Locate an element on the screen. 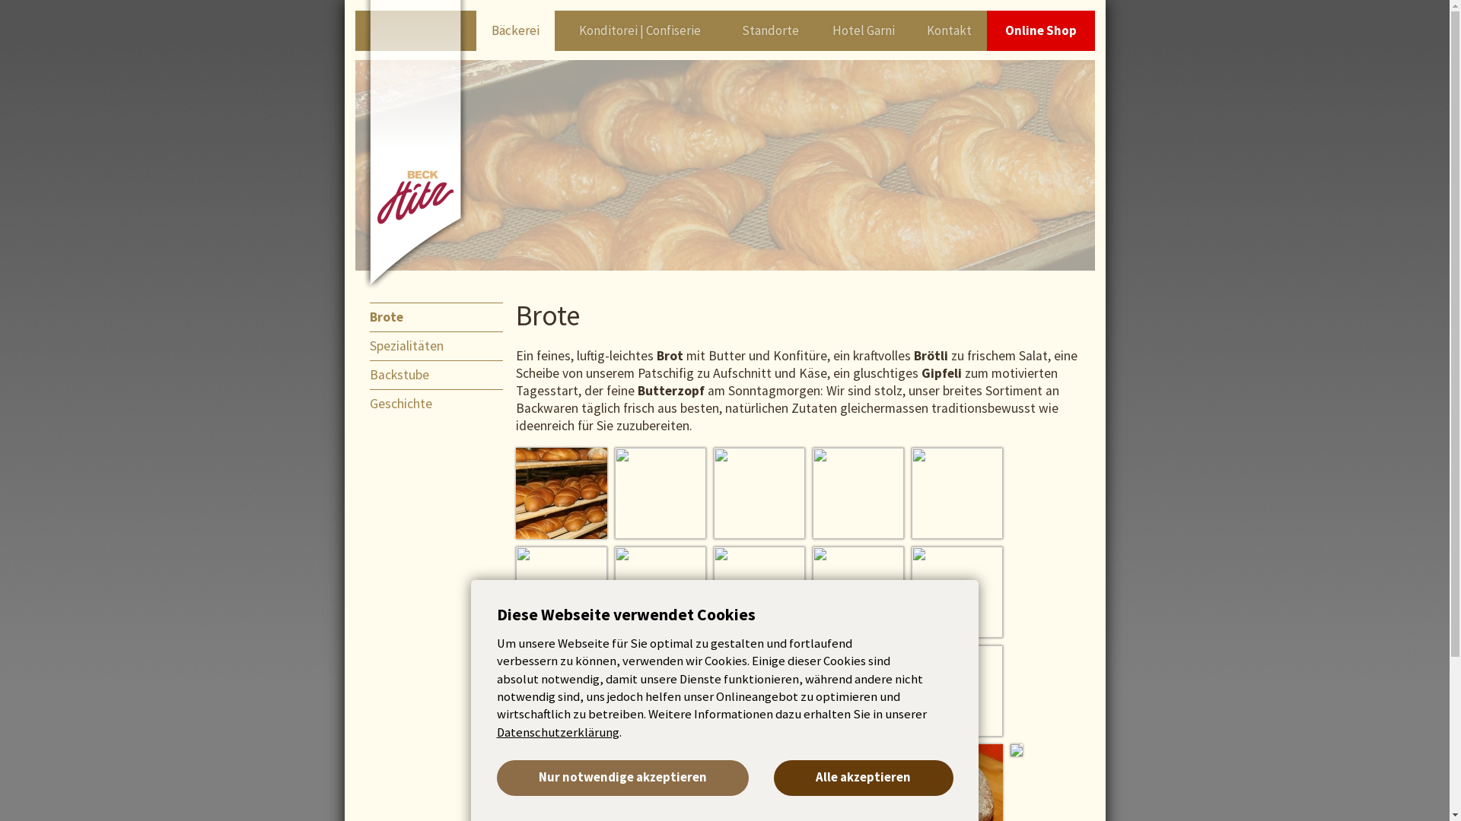 This screenshot has width=1461, height=821. 'Brote' is located at coordinates (442, 315).